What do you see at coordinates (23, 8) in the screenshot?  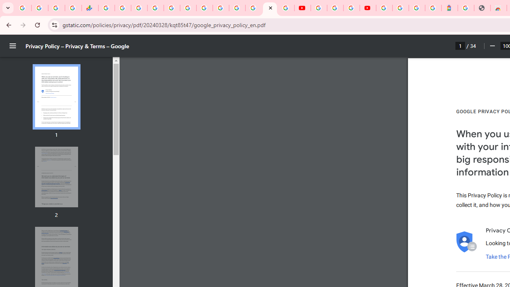 I see `'Google Workspace Admin Community'` at bounding box center [23, 8].